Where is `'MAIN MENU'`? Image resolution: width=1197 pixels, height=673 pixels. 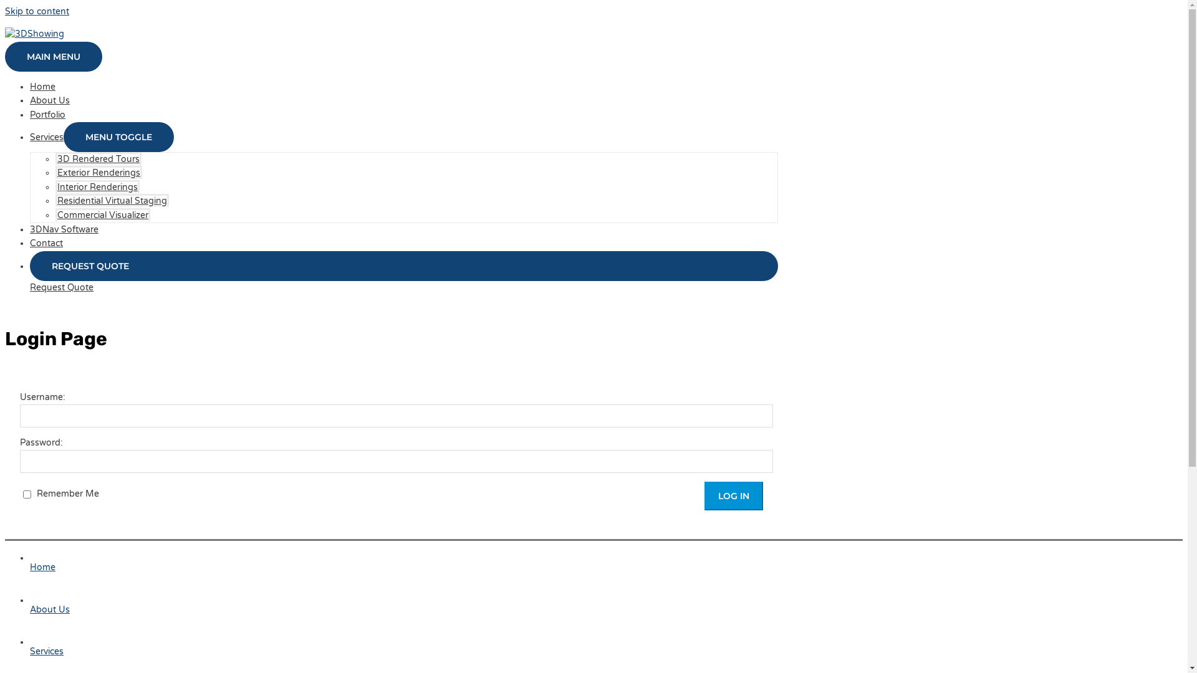
'MAIN MENU' is located at coordinates (53, 57).